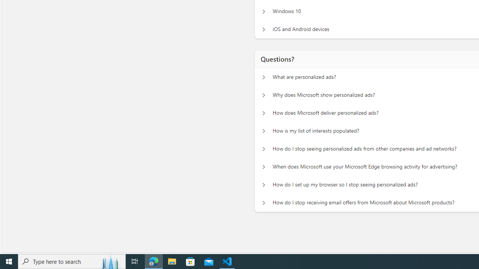 Image resolution: width=479 pixels, height=269 pixels. Describe the element at coordinates (263, 11) in the screenshot. I see `'Manage personalized ads on your device Windows 10'` at that location.